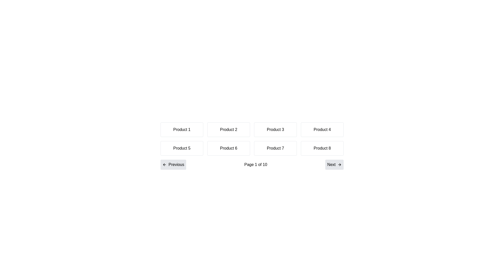 The height and width of the screenshot is (272, 483). What do you see at coordinates (331, 165) in the screenshot?
I see `the 'Next' button located in the bottom-right corner of the view` at bounding box center [331, 165].